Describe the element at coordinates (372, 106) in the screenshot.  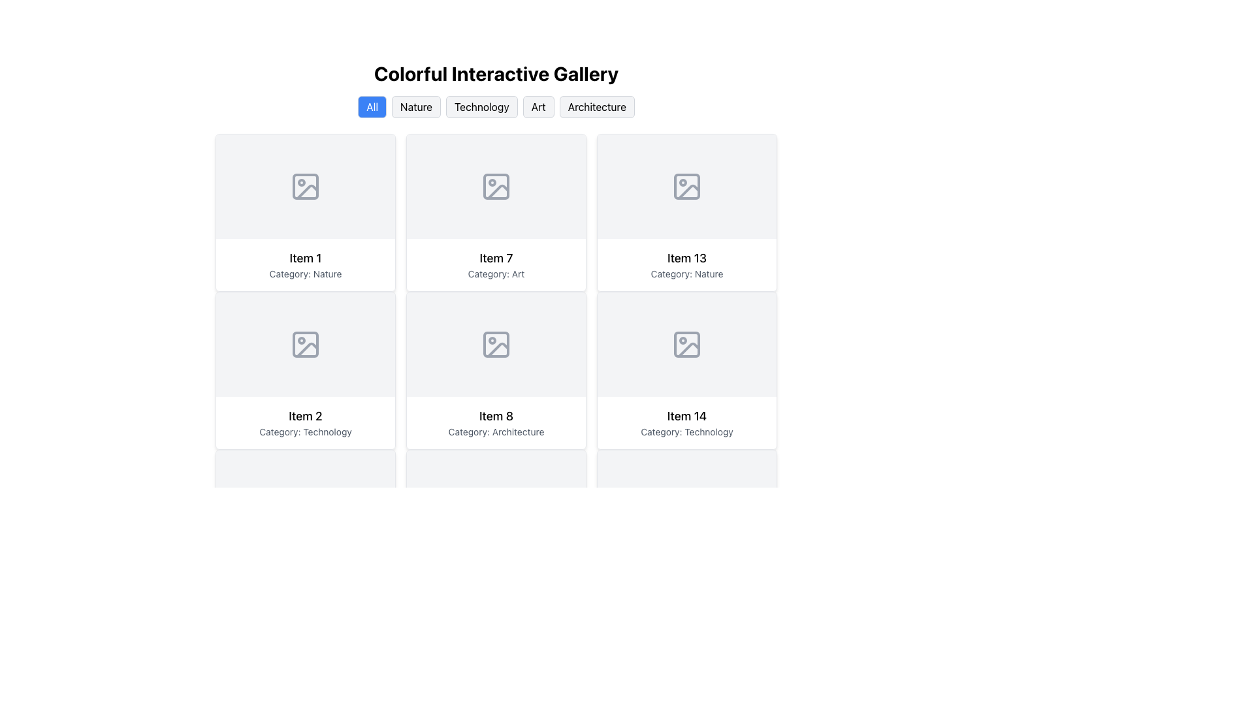
I see `the blue button with white text reading 'All'` at that location.